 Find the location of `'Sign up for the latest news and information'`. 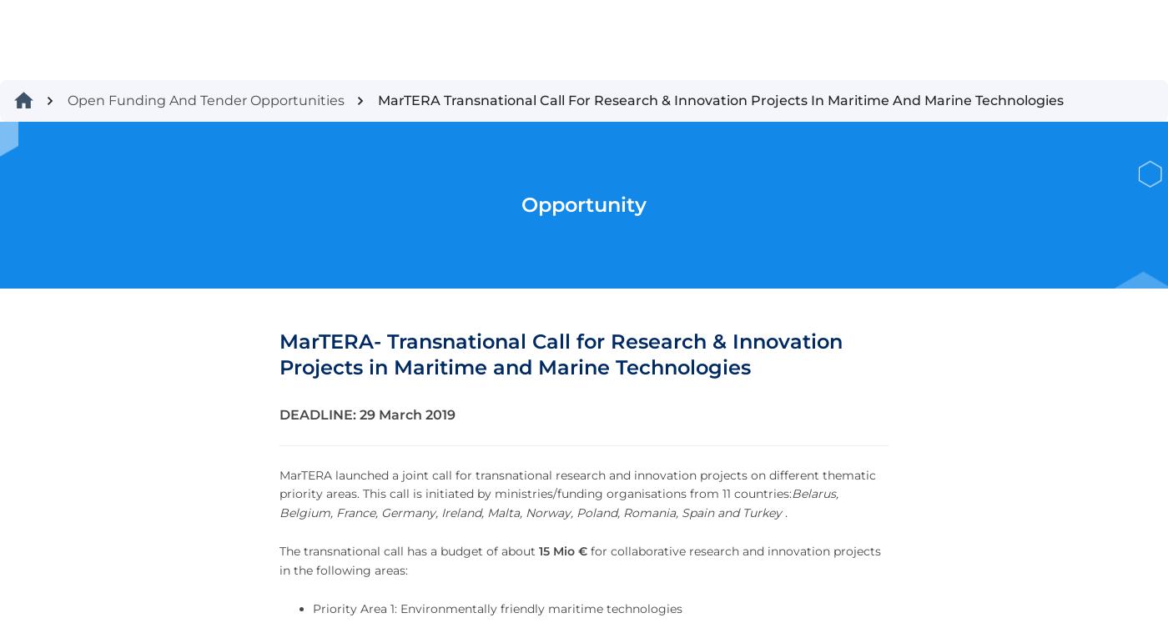

'Sign up for the latest news and information' is located at coordinates (988, 314).